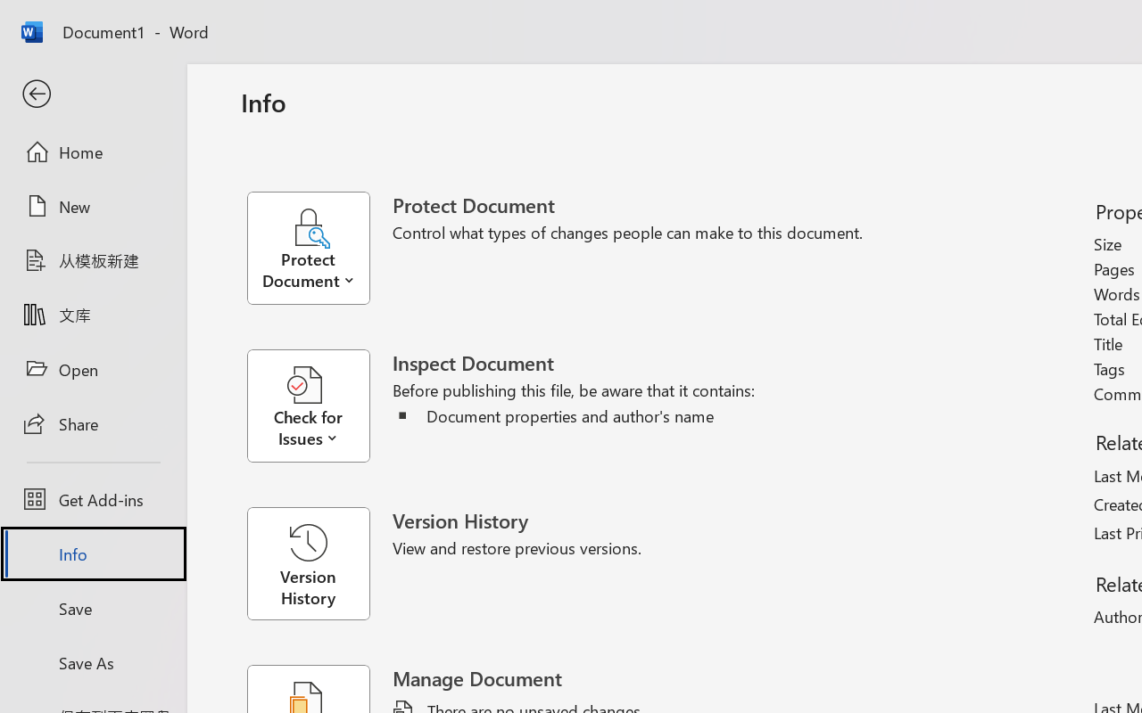 This screenshot has width=1142, height=713. What do you see at coordinates (319, 405) in the screenshot?
I see `'Check for Issues'` at bounding box center [319, 405].